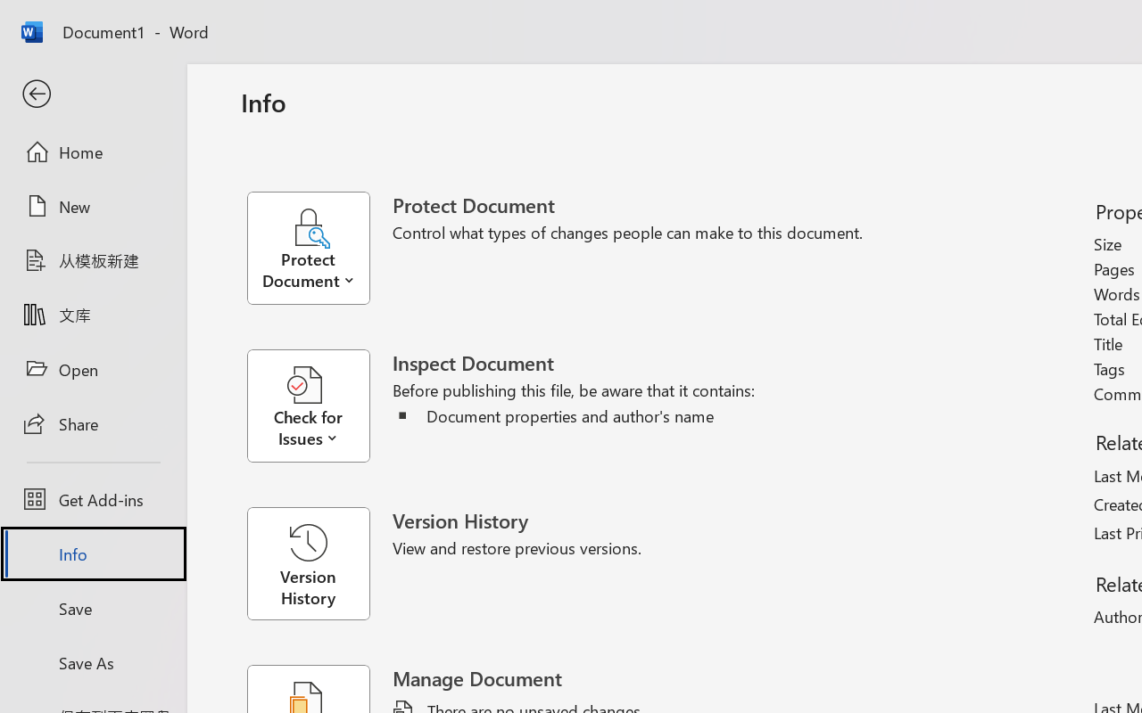 This screenshot has width=1142, height=713. What do you see at coordinates (319, 405) in the screenshot?
I see `'Check for Issues'` at bounding box center [319, 405].